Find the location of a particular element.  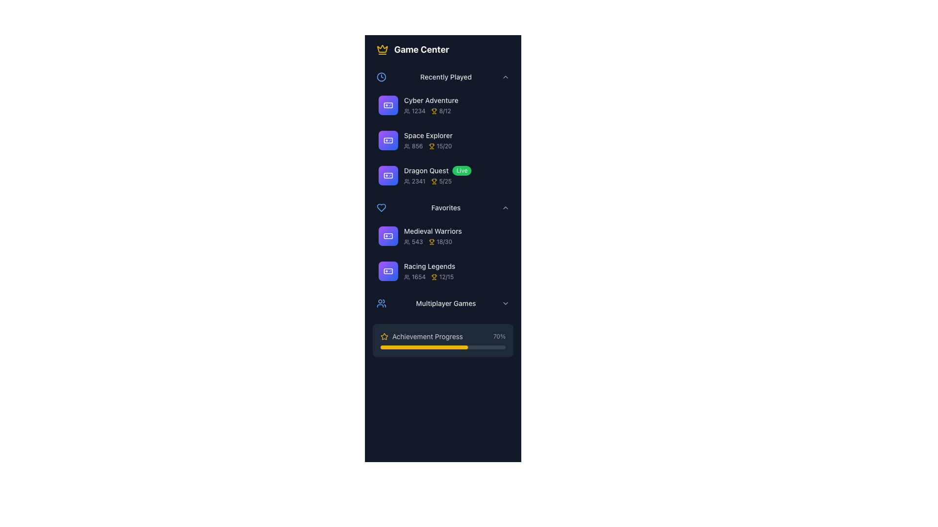

numerical value '1234' displayed in light gray text, which indicates the user count for the game 'Cyber Adventure', located in the first row under the 'Recently Played' section is located at coordinates (415, 110).